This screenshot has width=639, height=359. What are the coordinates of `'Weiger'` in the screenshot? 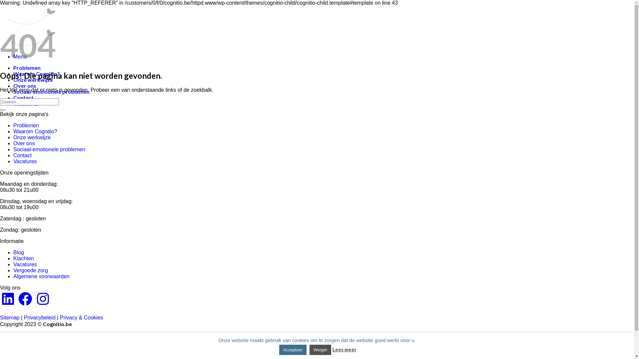 It's located at (320, 349).